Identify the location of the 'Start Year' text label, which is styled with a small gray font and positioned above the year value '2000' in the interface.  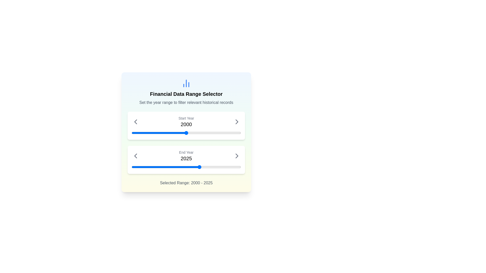
(186, 118).